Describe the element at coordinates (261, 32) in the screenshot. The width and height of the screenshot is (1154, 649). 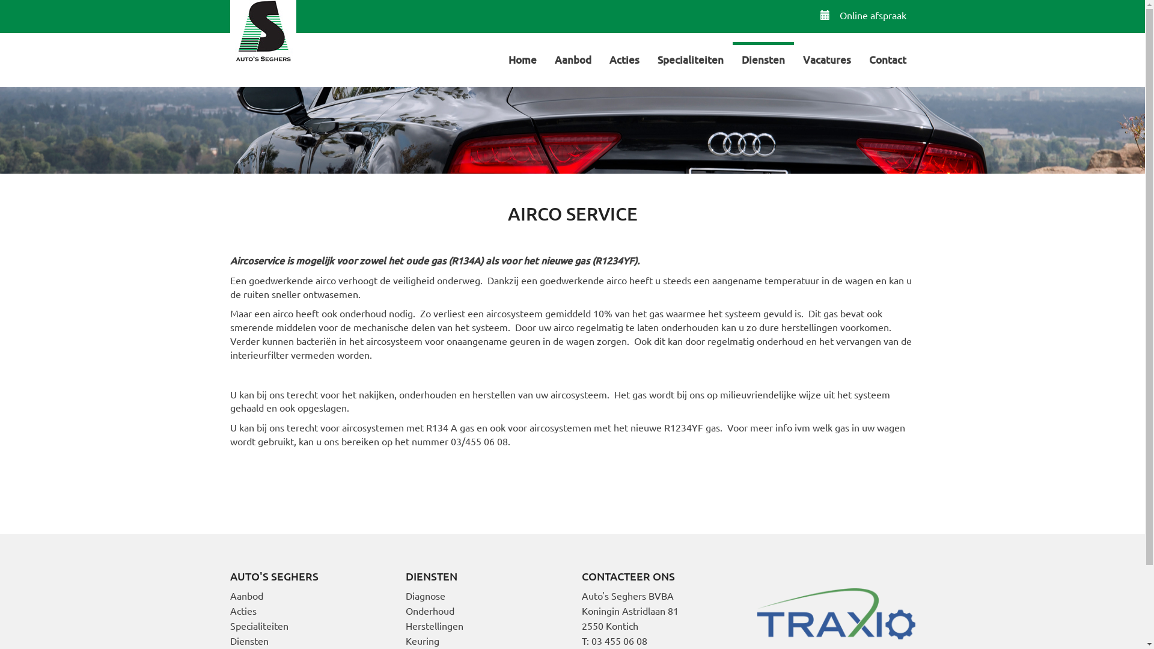
I see `'home'` at that location.